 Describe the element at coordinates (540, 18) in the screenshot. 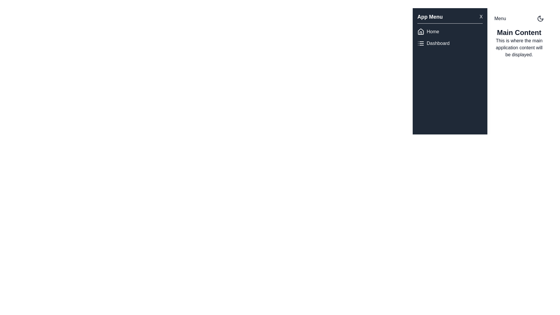

I see `the small circular button depicting a crescent moon icon, which serves as a night mode toggle` at that location.